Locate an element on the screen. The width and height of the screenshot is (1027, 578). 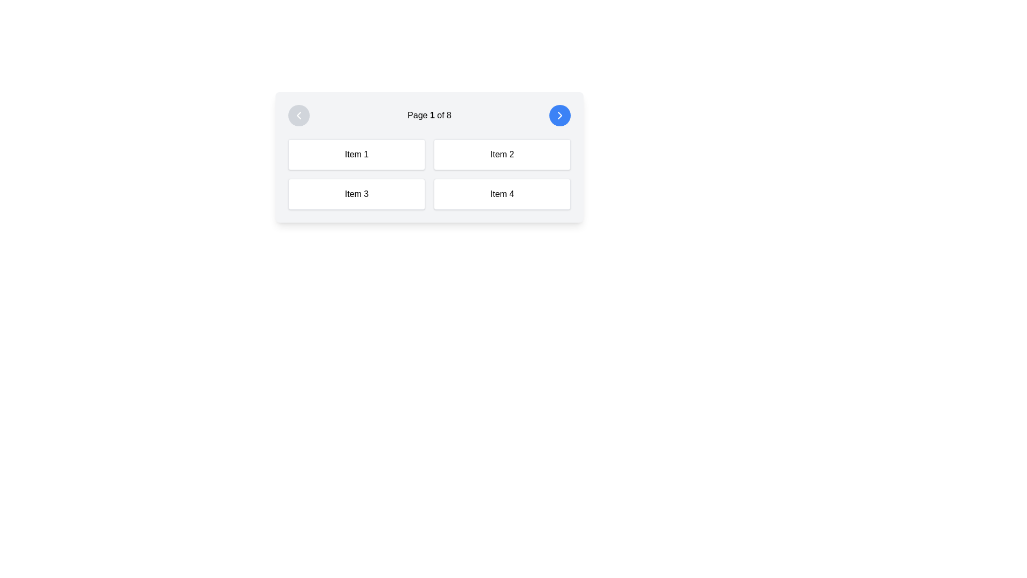
the button labeled 'Item 3' located in the lower left quadrant of the grid is located at coordinates (357, 194).